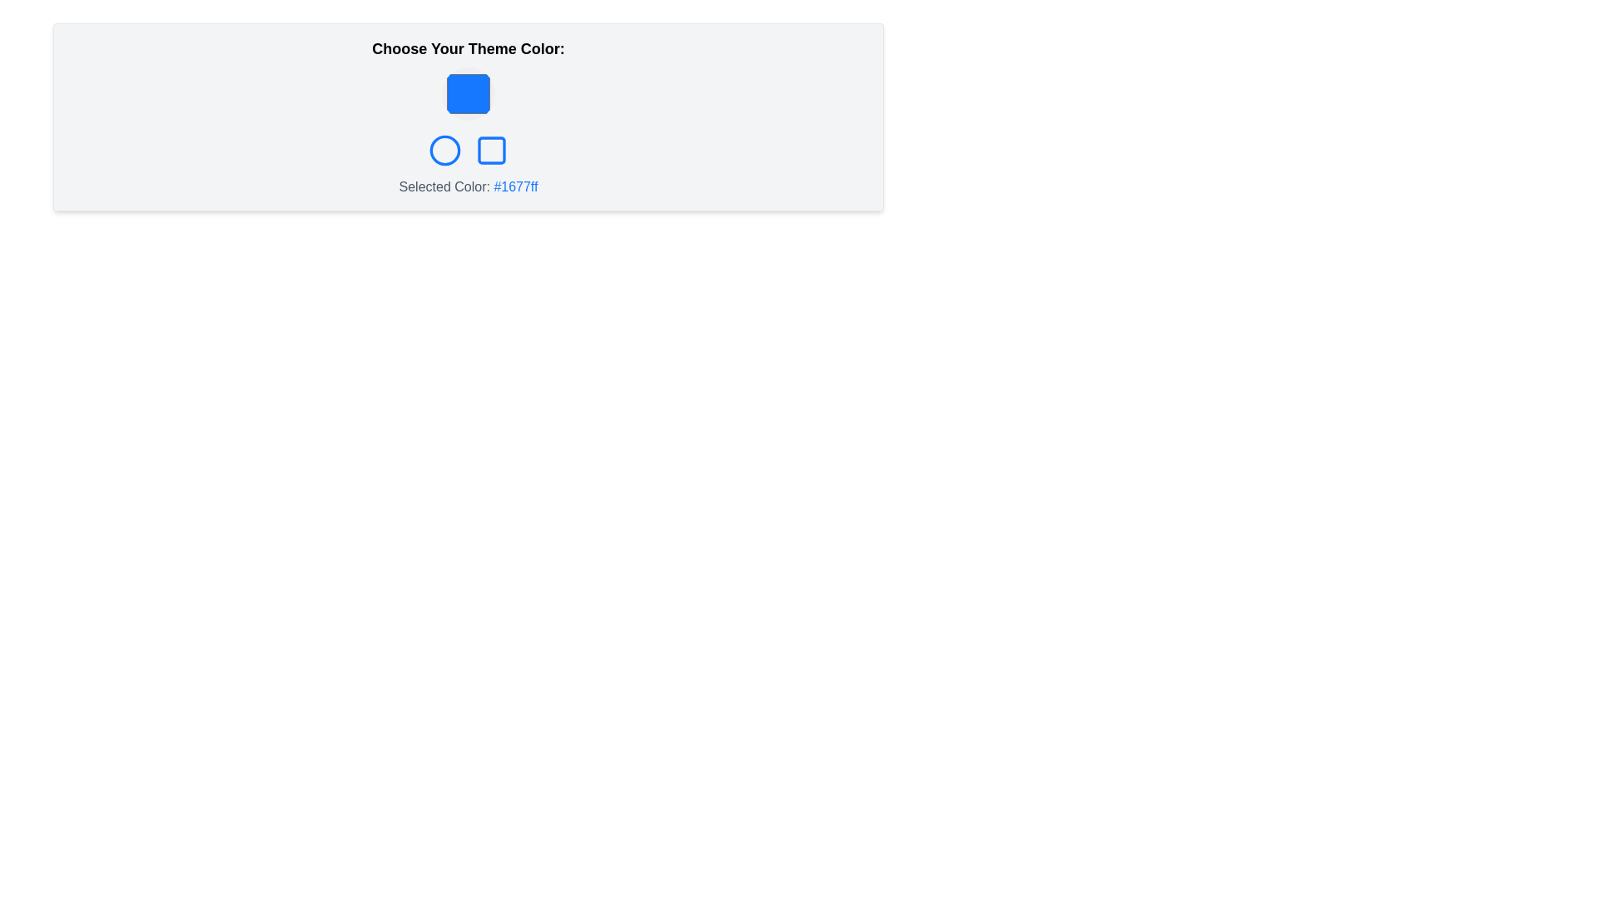 The height and width of the screenshot is (899, 1598). I want to click on the interactive color picker representing the color '#1677ff' located centrally within the 'Choose Your Theme Color:' section, so click(467, 93).